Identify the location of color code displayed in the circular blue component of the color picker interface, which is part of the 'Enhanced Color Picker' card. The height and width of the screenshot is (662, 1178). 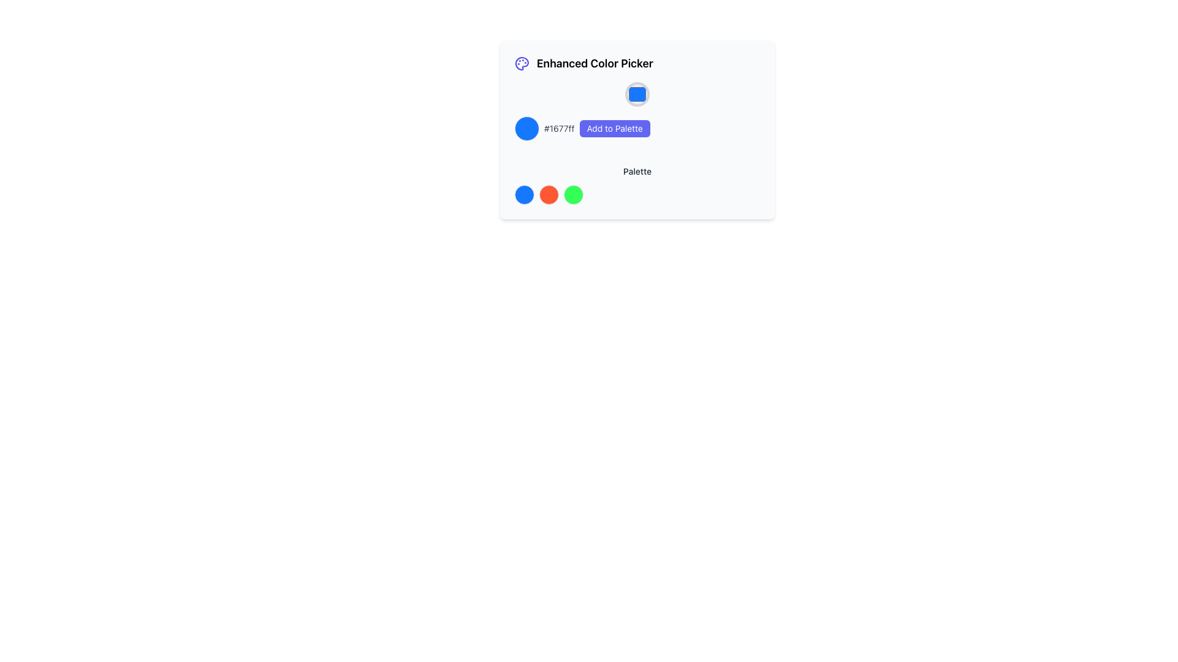
(637, 111).